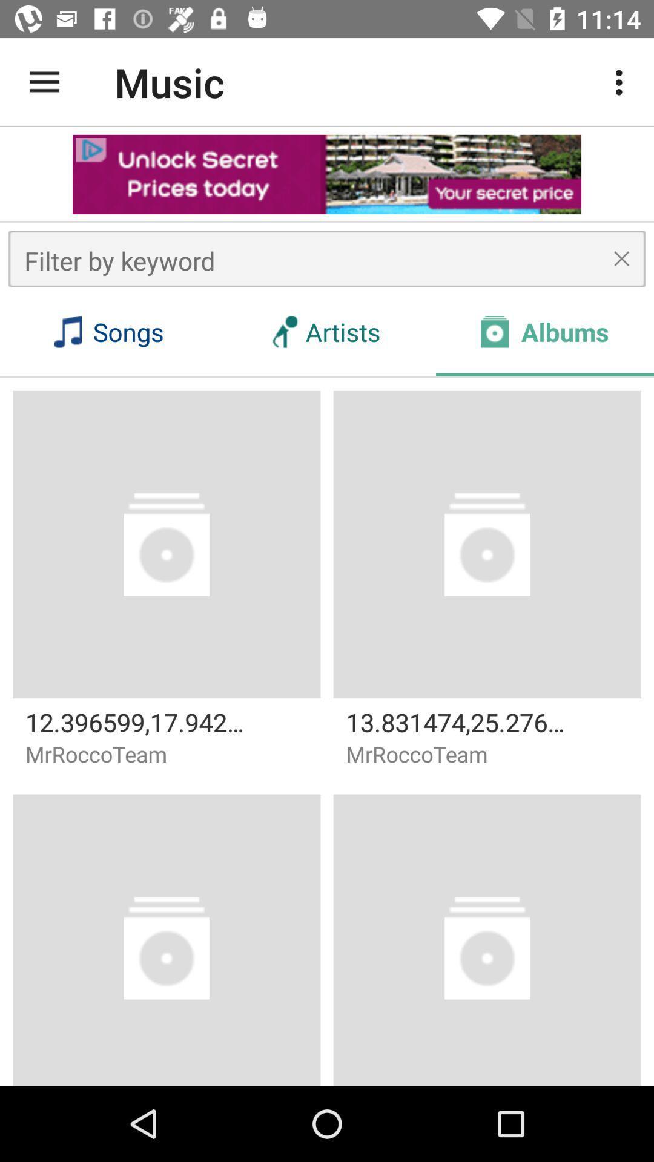 Image resolution: width=654 pixels, height=1162 pixels. What do you see at coordinates (487, 544) in the screenshot?
I see `the image below the tab albums on the web page` at bounding box center [487, 544].